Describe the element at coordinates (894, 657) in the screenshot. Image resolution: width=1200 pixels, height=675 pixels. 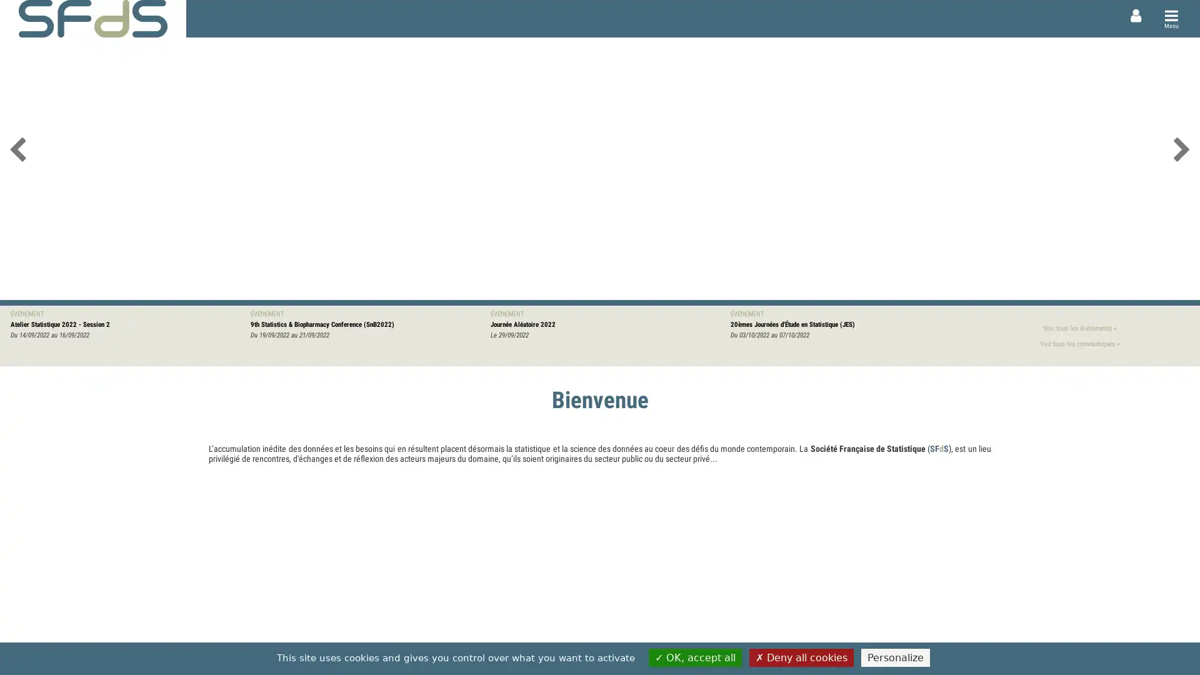
I see `Personalize (modal window)` at that location.